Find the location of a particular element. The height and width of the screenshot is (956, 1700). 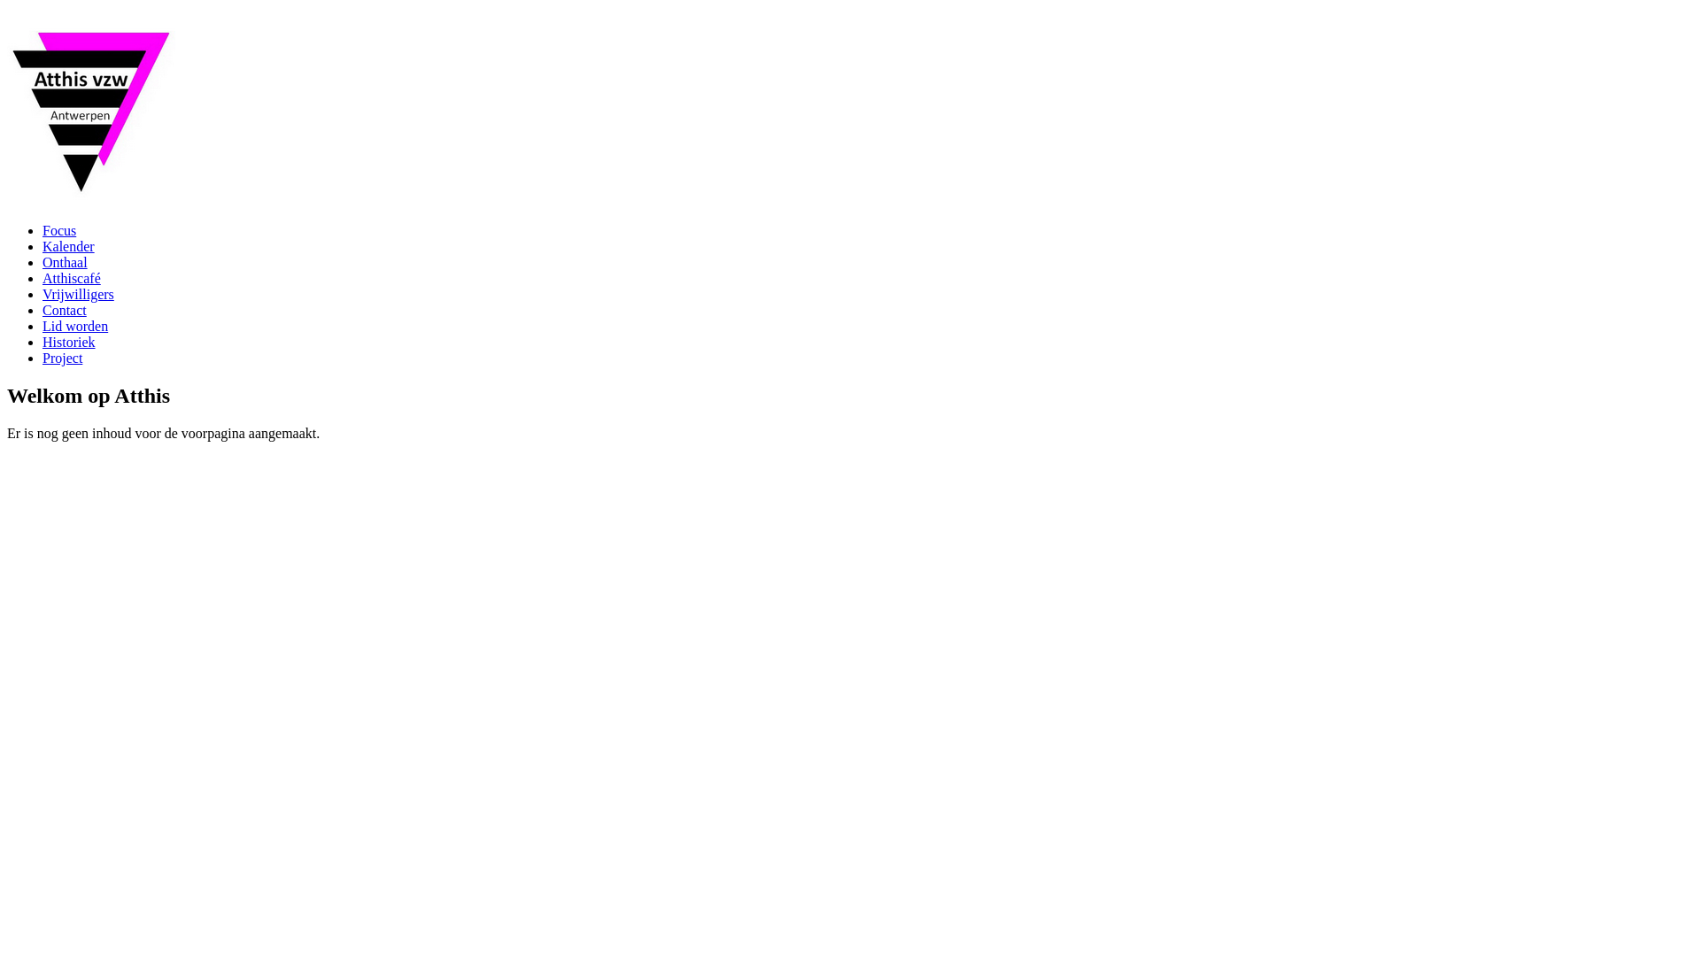

'Focus' is located at coordinates (42, 229).